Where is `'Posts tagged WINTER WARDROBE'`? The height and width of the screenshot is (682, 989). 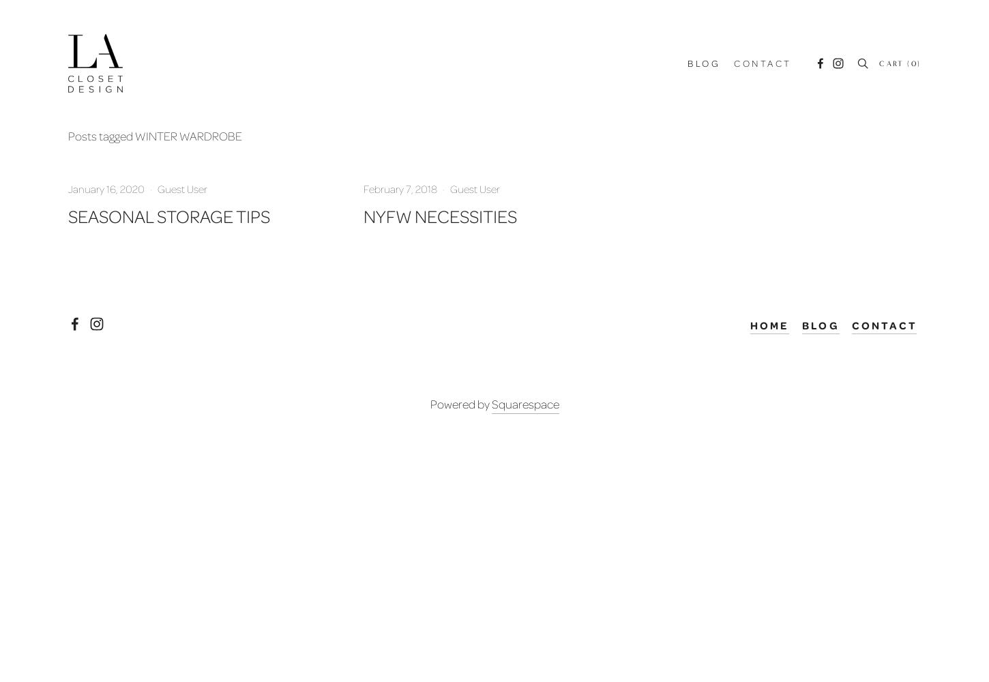
'Posts tagged WINTER WARDROBE' is located at coordinates (154, 135).